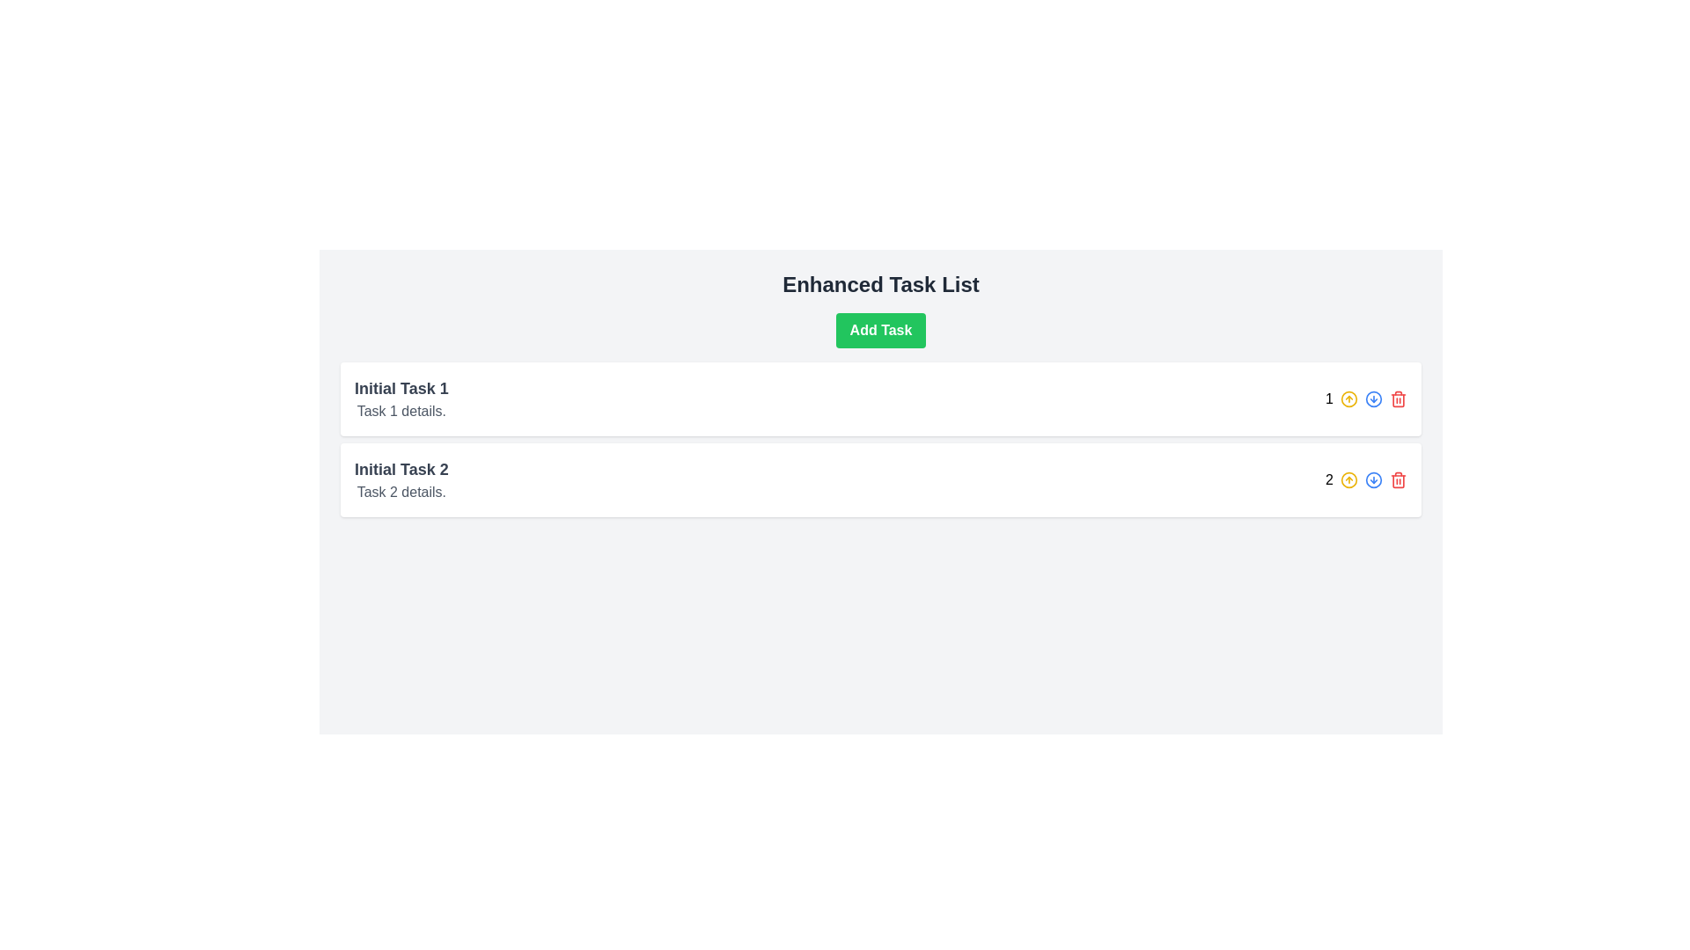 This screenshot has width=1690, height=950. Describe the element at coordinates (400, 480) in the screenshot. I see `the text block that provides the title 'Initial Task 2' and description 'Task 2 details.' located centrally within the second task block of the task list` at that location.